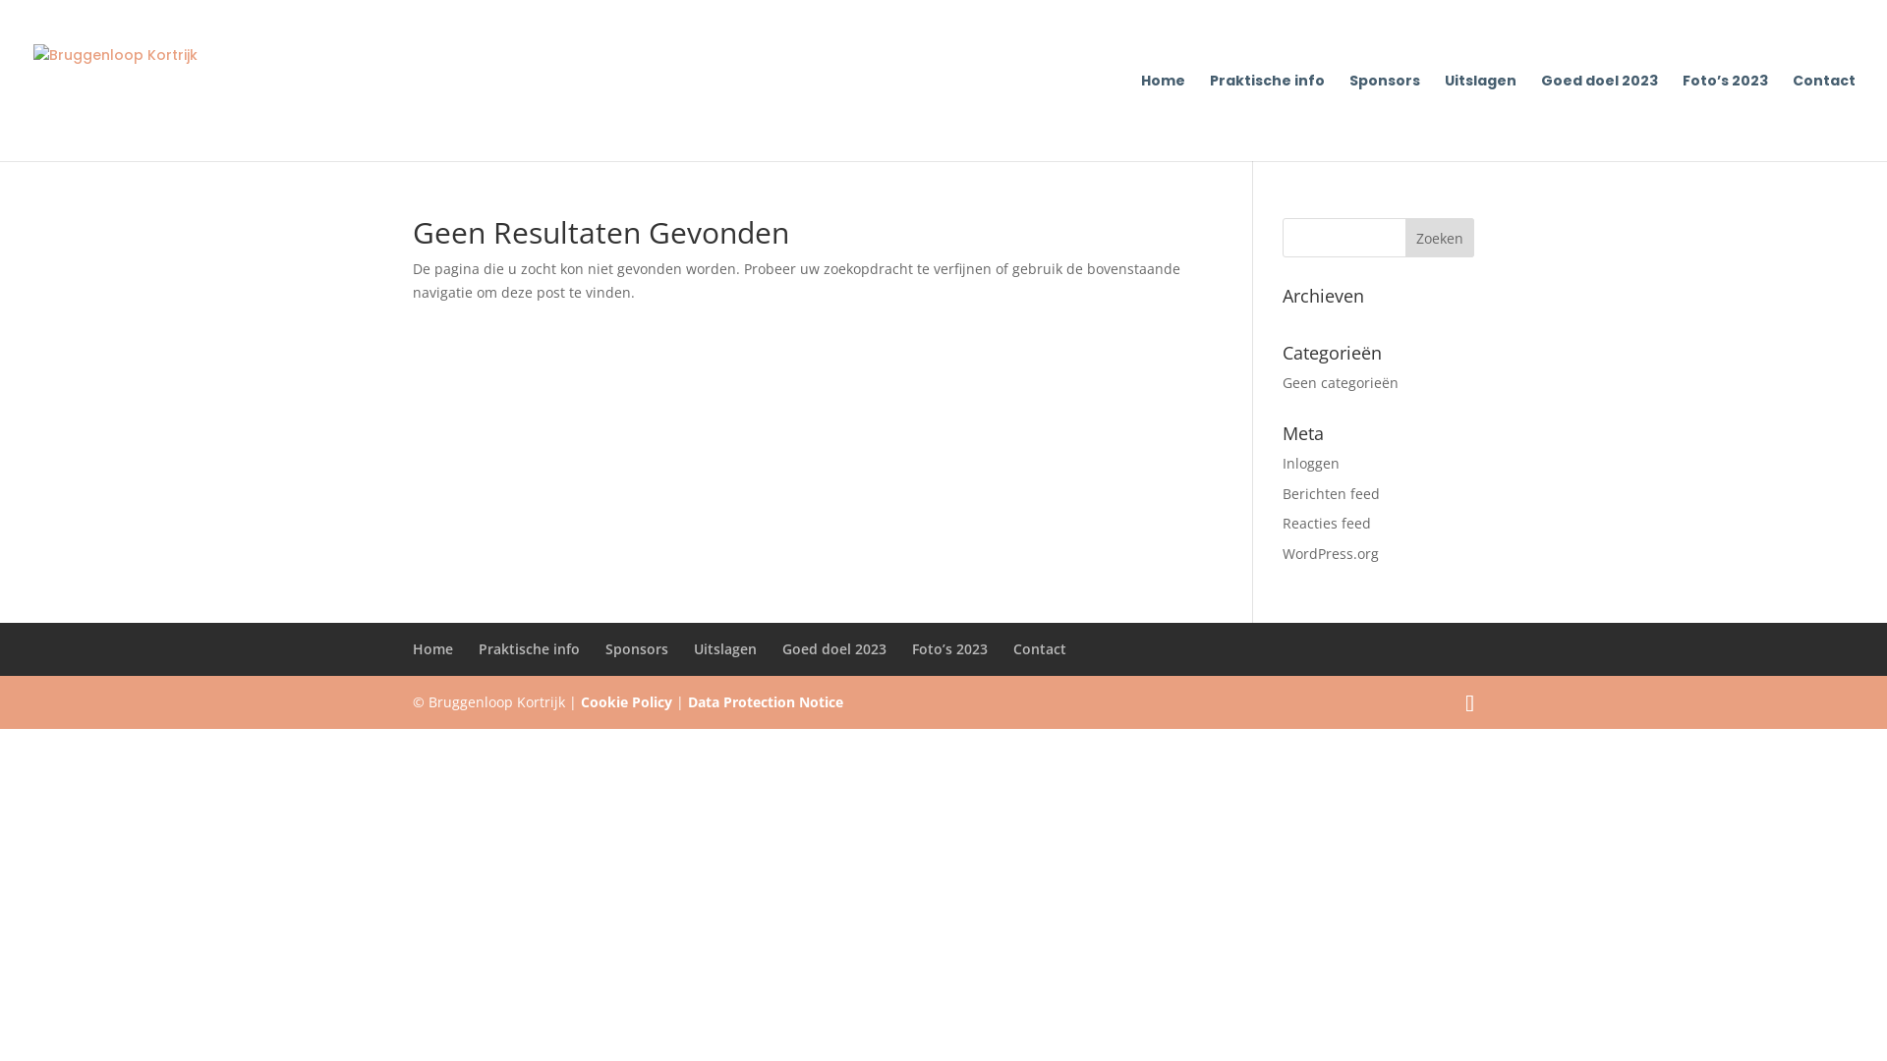  Describe the element at coordinates (1404, 237) in the screenshot. I see `'Zoeken'` at that location.